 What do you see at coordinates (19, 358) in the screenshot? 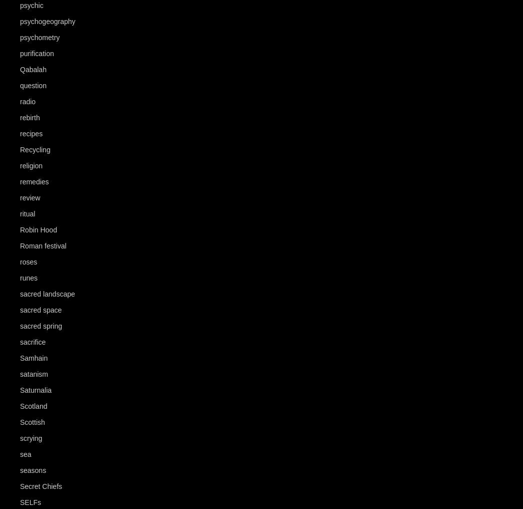
I see `'Samhain'` at bounding box center [19, 358].